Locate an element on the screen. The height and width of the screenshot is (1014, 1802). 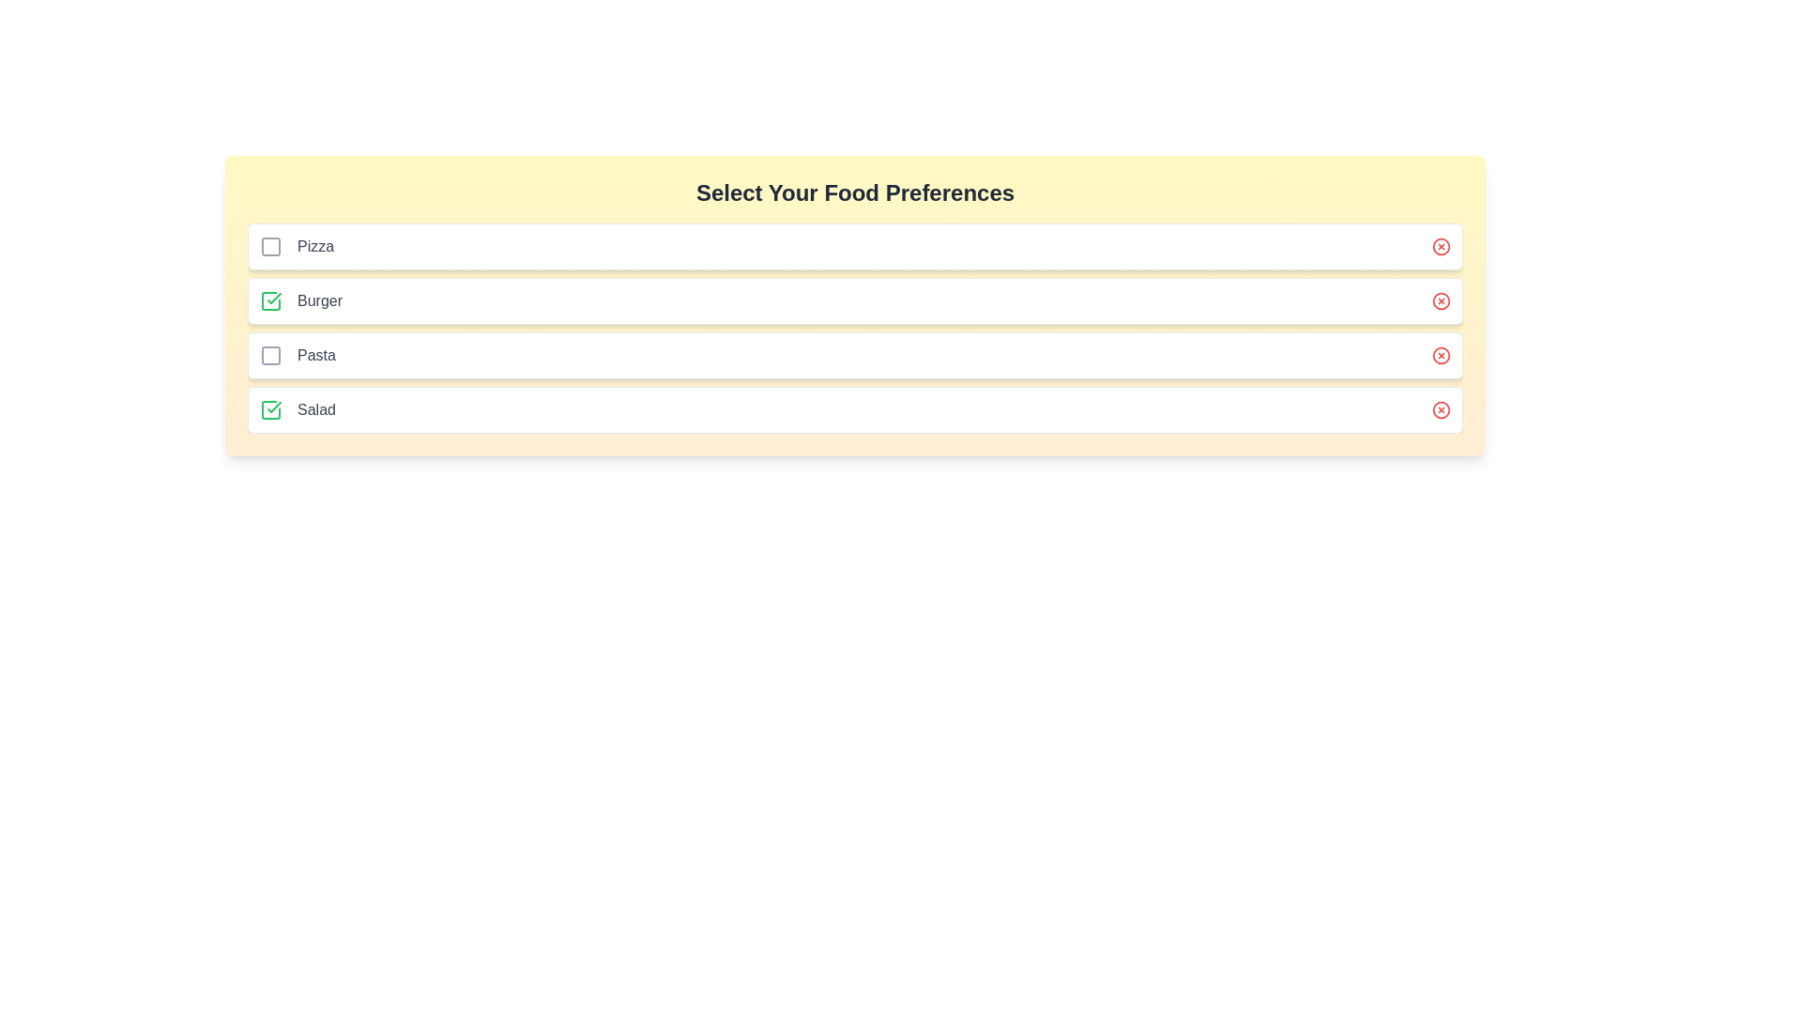
the inner circular part of the close icon used to remove or deselect an entry from the list of food preferences is located at coordinates (1441, 300).